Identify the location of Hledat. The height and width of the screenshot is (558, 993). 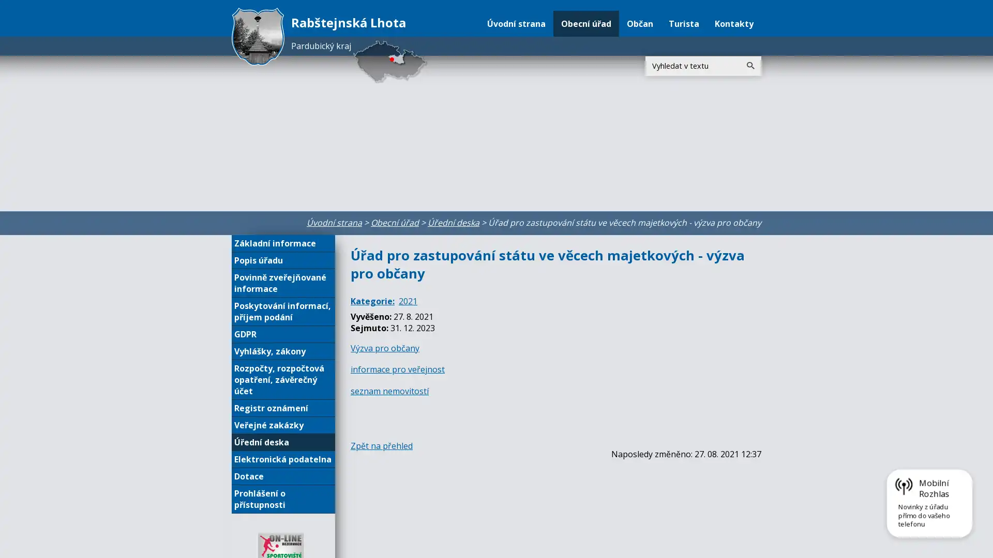
(750, 66).